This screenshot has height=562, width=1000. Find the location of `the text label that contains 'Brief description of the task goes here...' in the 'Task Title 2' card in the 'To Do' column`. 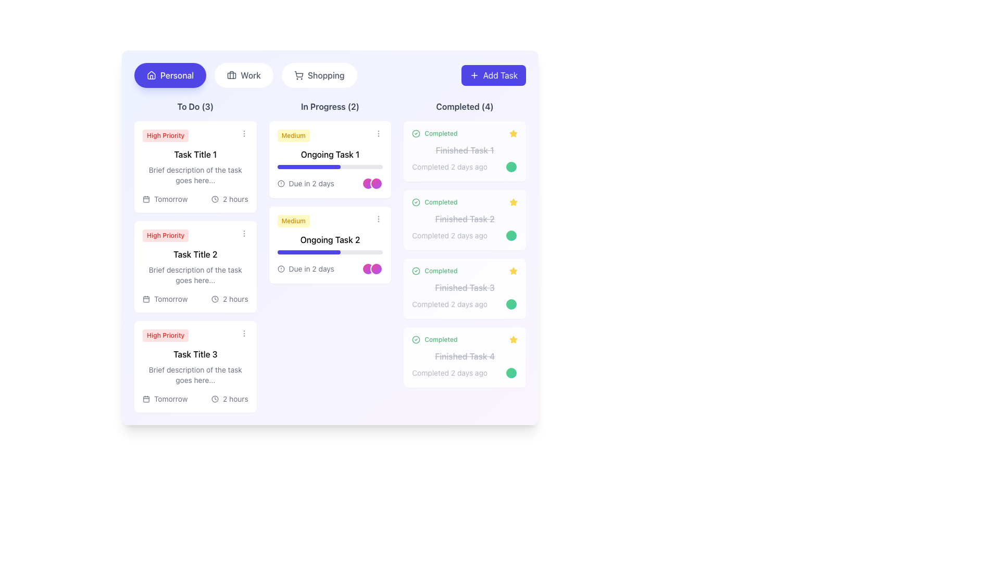

the text label that contains 'Brief description of the task goes here...' in the 'Task Title 2' card in the 'To Do' column is located at coordinates (195, 274).